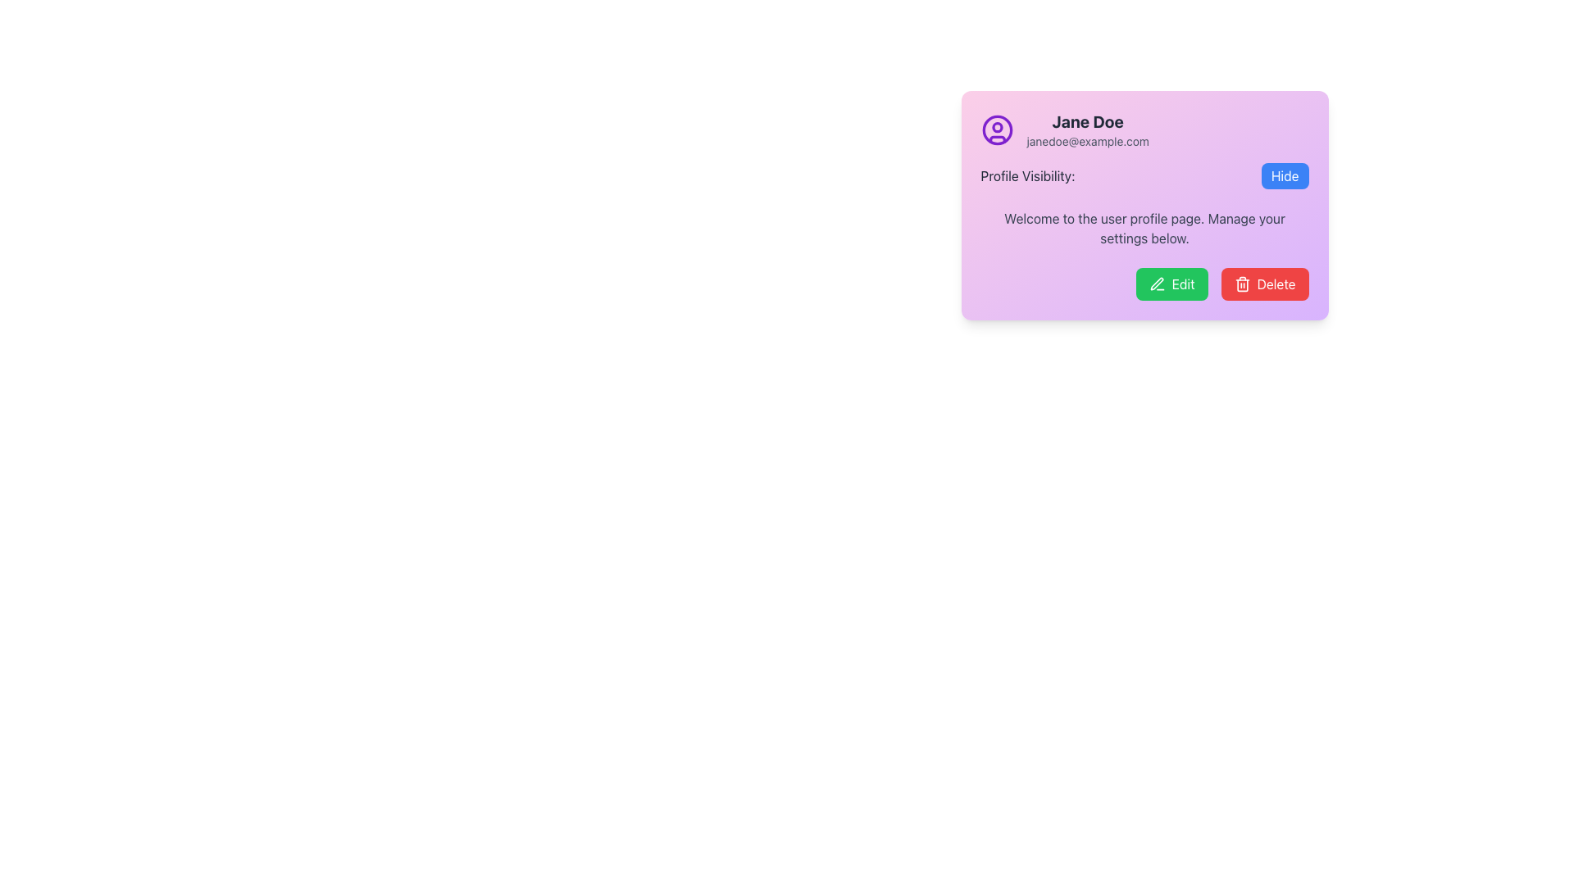  I want to click on the delete icon inside the 'Delete' button located at the bottom-right corner of the pink box, so click(1242, 284).